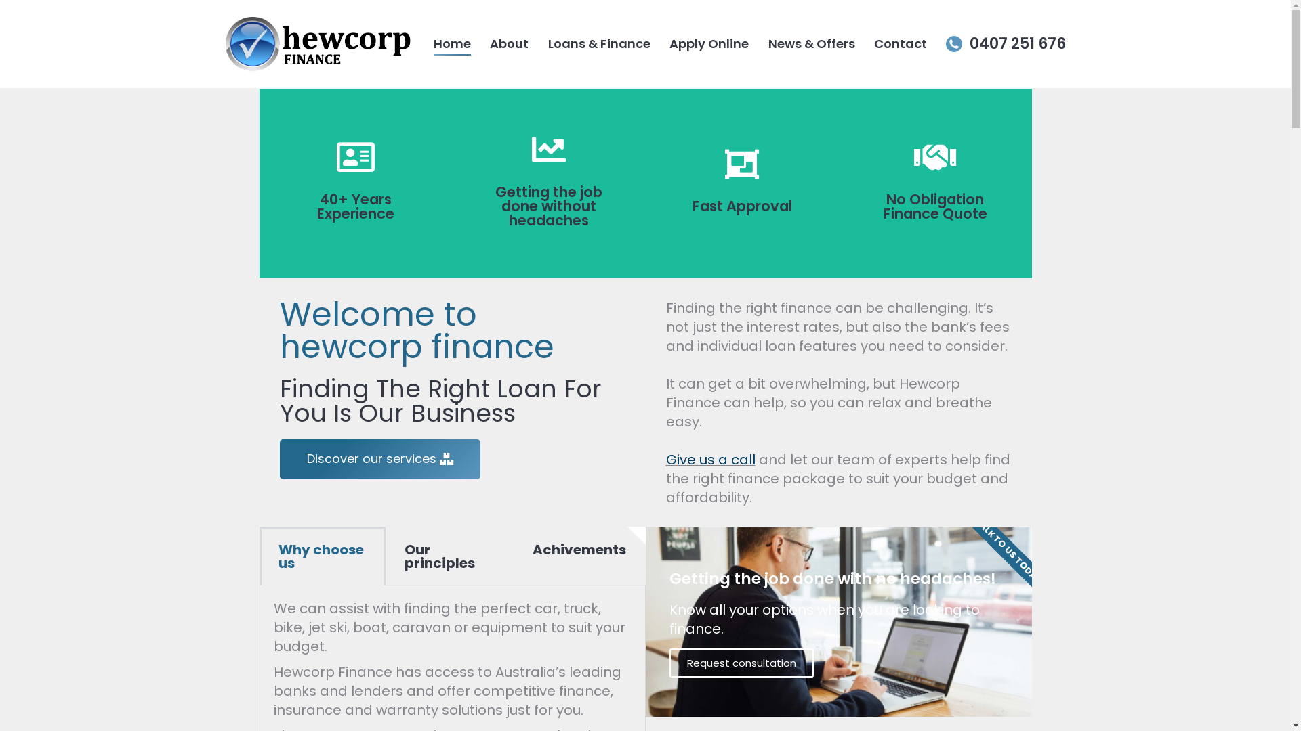  What do you see at coordinates (874, 43) in the screenshot?
I see `'Contact'` at bounding box center [874, 43].